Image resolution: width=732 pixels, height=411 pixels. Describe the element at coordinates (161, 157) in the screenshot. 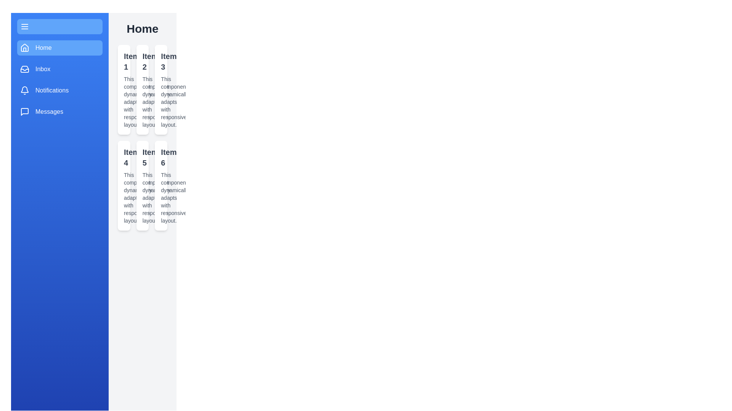

I see `text label located at the top of the rightmost card in the second row of the columnar layout` at that location.